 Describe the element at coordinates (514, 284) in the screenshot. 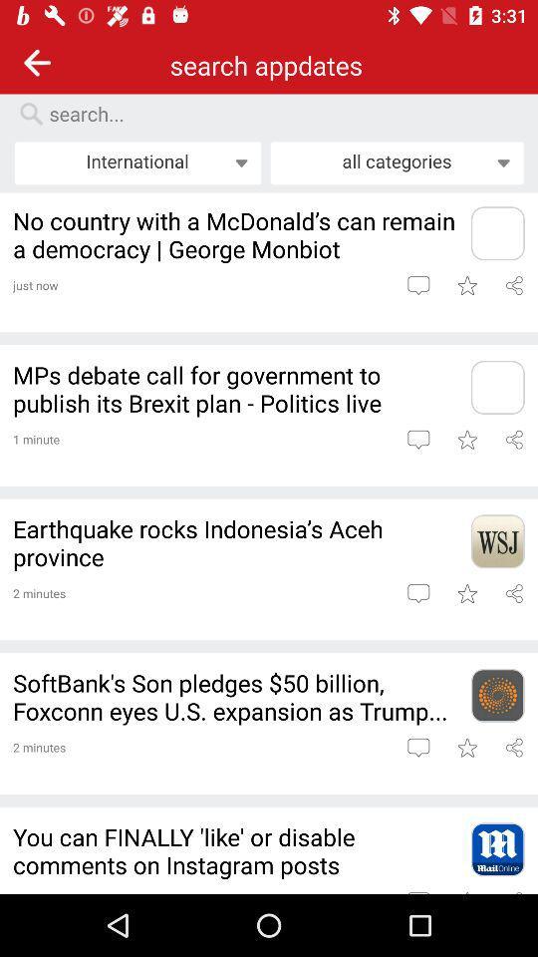

I see `share post` at that location.